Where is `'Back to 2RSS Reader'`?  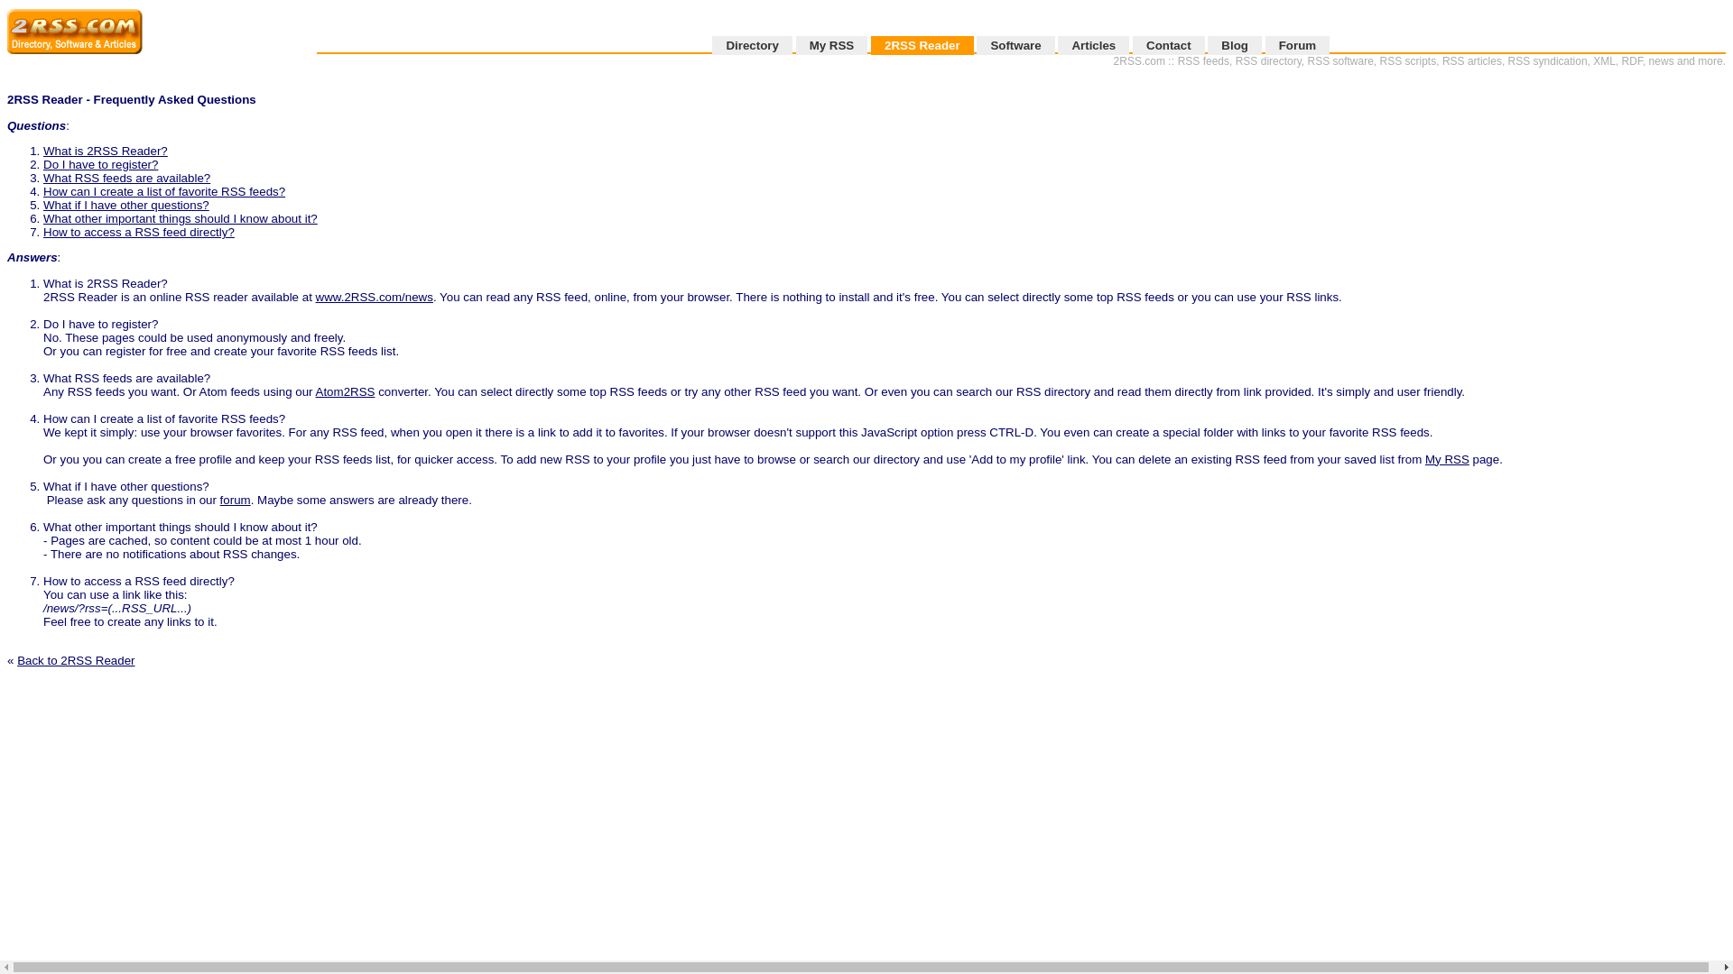 'Back to 2RSS Reader' is located at coordinates (74, 660).